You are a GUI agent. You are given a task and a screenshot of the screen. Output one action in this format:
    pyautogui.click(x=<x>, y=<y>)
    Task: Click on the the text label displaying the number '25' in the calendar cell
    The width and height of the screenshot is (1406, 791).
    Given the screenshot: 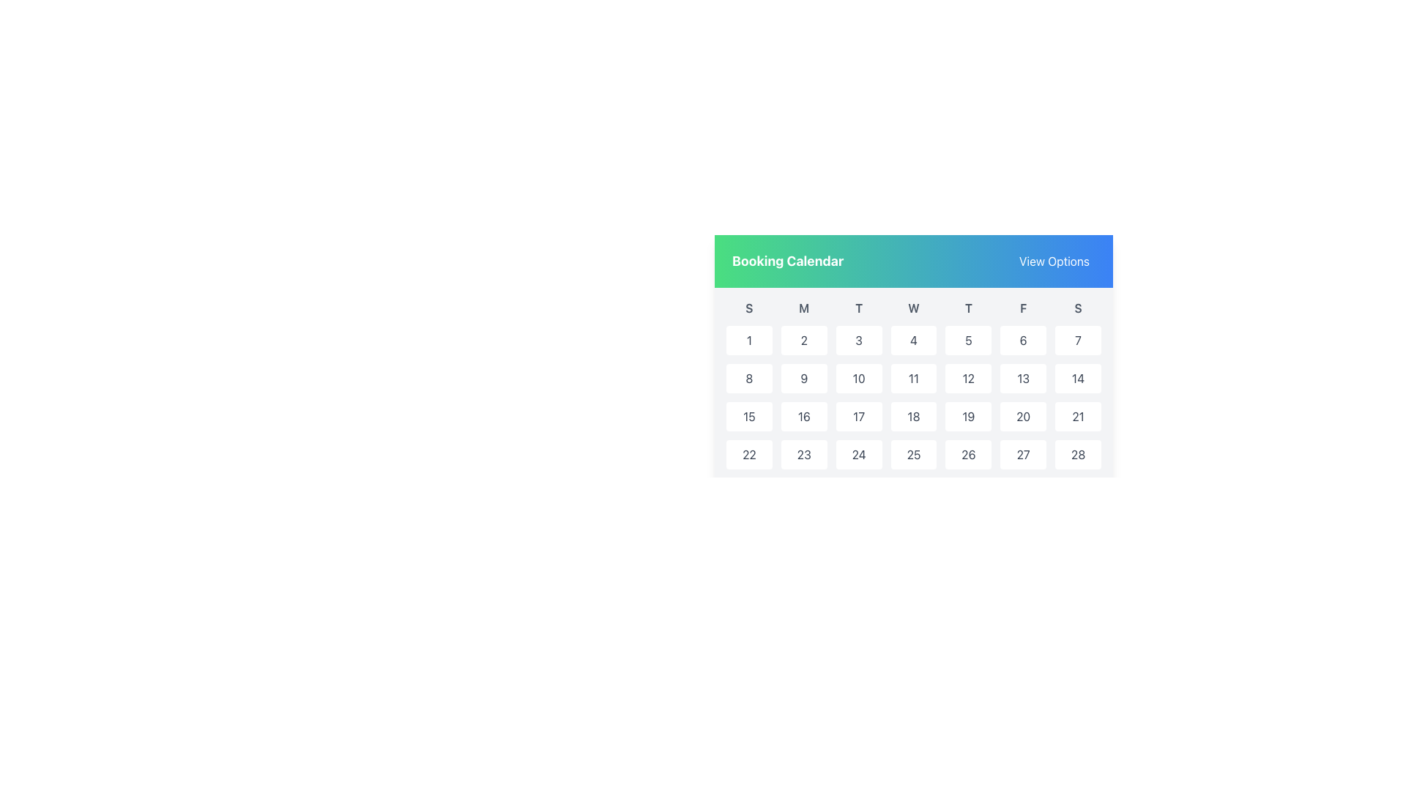 What is the action you would take?
    pyautogui.click(x=913, y=454)
    